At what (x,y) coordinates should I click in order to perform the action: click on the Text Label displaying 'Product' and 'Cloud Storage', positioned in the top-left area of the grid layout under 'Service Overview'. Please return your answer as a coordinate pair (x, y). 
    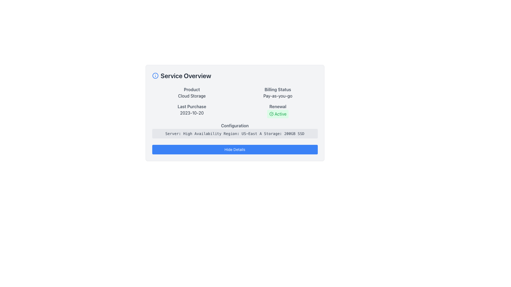
    Looking at the image, I should click on (192, 92).